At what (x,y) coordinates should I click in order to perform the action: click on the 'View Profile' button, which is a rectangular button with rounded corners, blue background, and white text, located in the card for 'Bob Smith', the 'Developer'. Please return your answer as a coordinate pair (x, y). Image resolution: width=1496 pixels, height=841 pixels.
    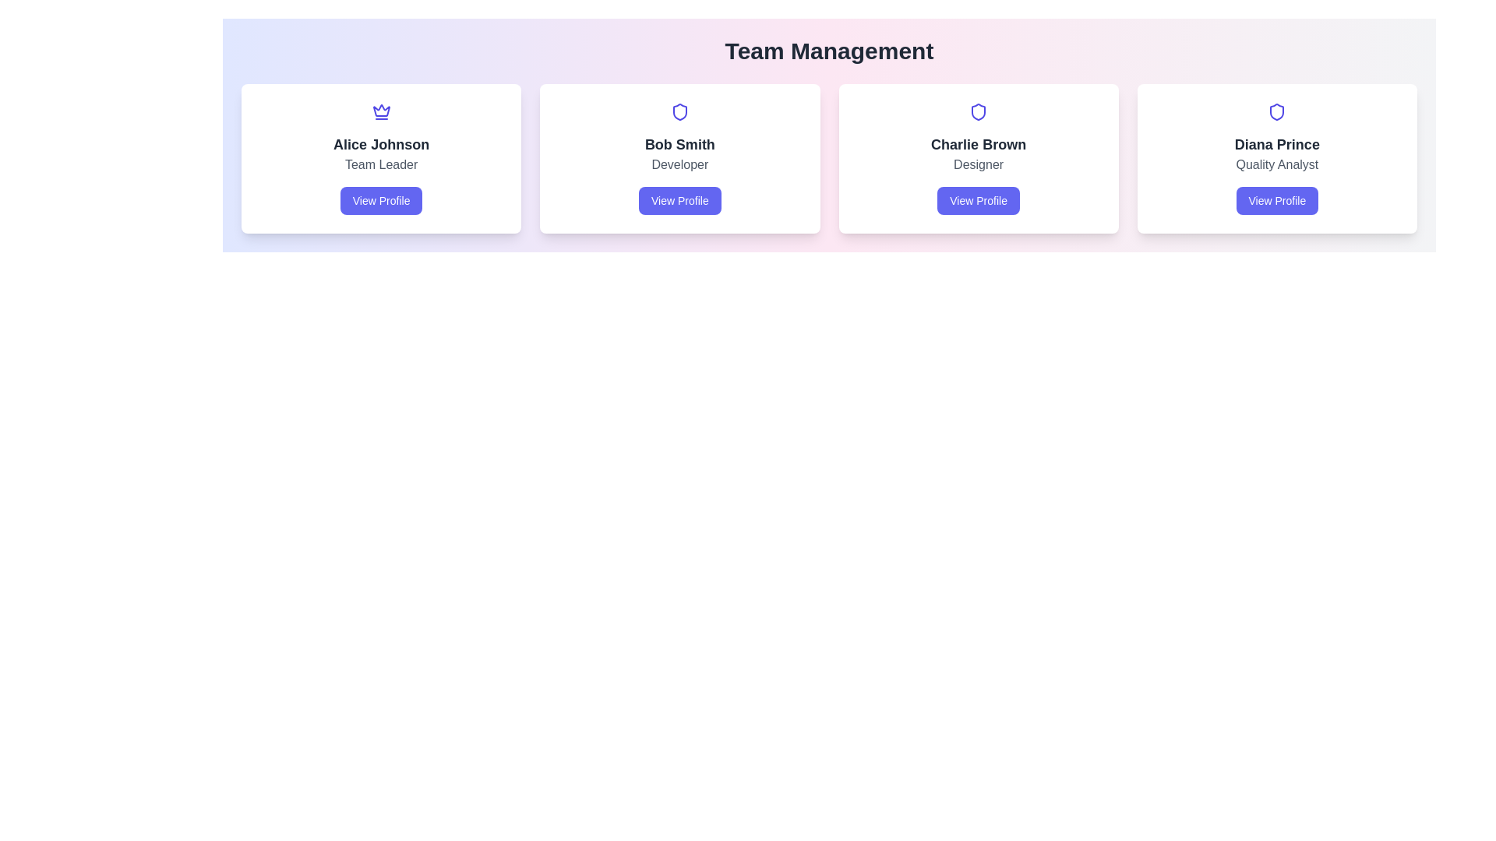
    Looking at the image, I should click on (679, 200).